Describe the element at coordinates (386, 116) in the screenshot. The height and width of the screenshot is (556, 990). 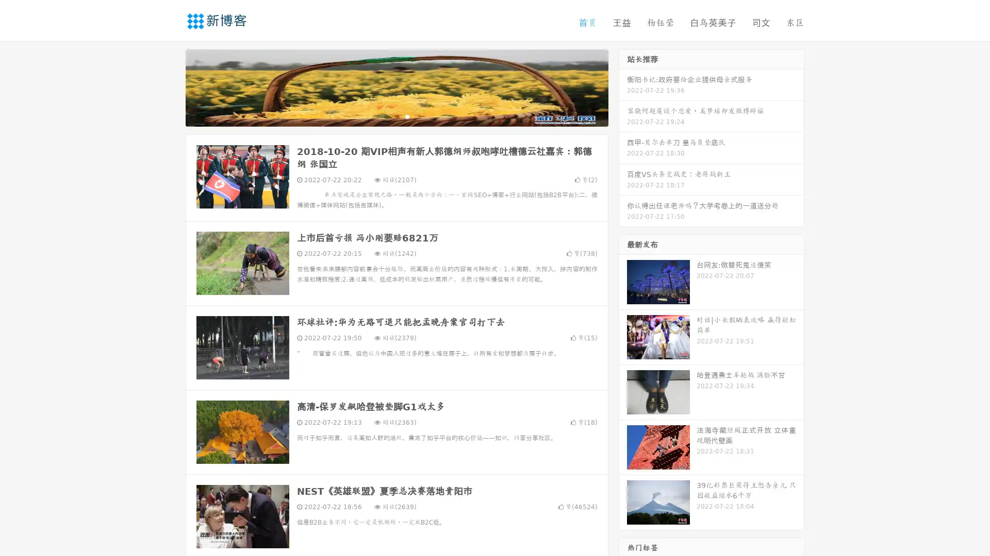
I see `Go to slide 1` at that location.